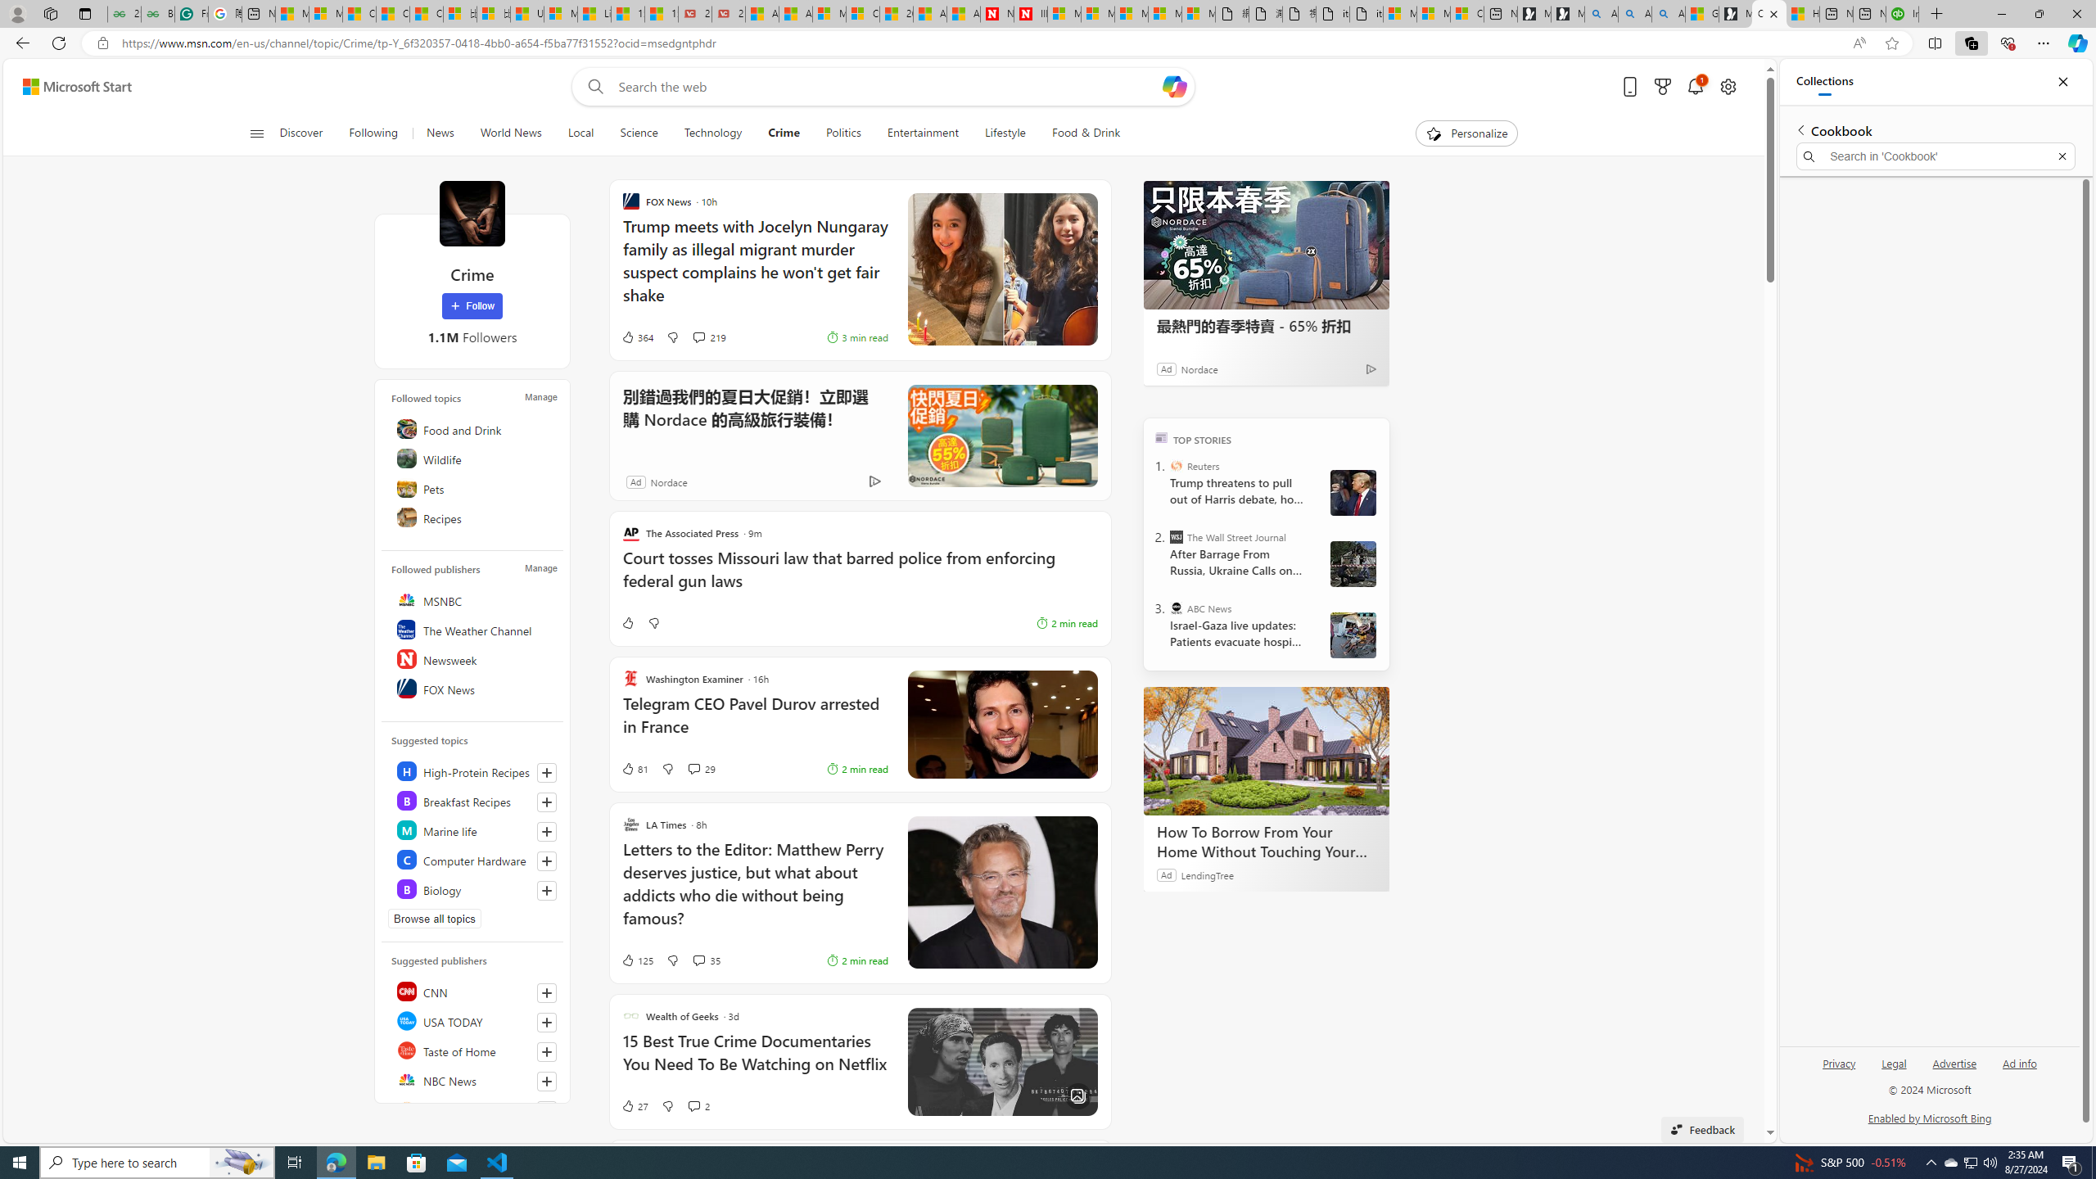  Describe the element at coordinates (1029, 13) in the screenshot. I see `'Illness news & latest pictures from Newsweek.com'` at that location.